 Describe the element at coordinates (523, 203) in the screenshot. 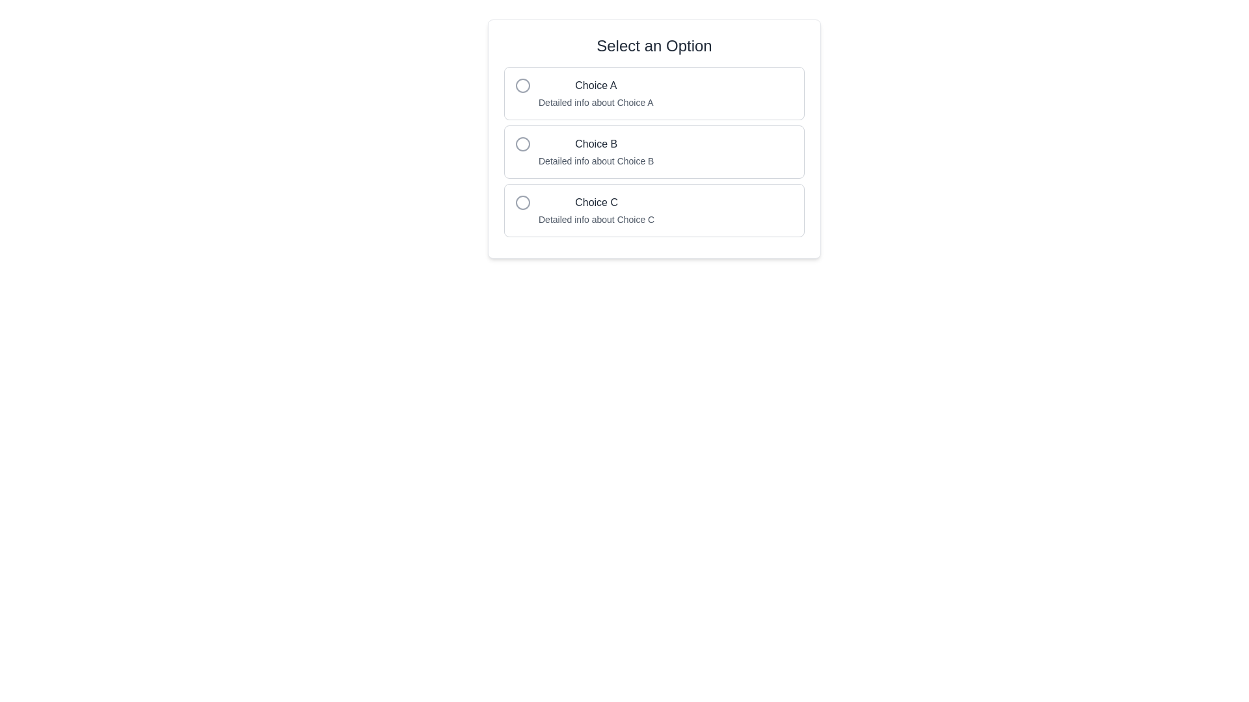

I see `the radio button for 'Choice C'` at that location.